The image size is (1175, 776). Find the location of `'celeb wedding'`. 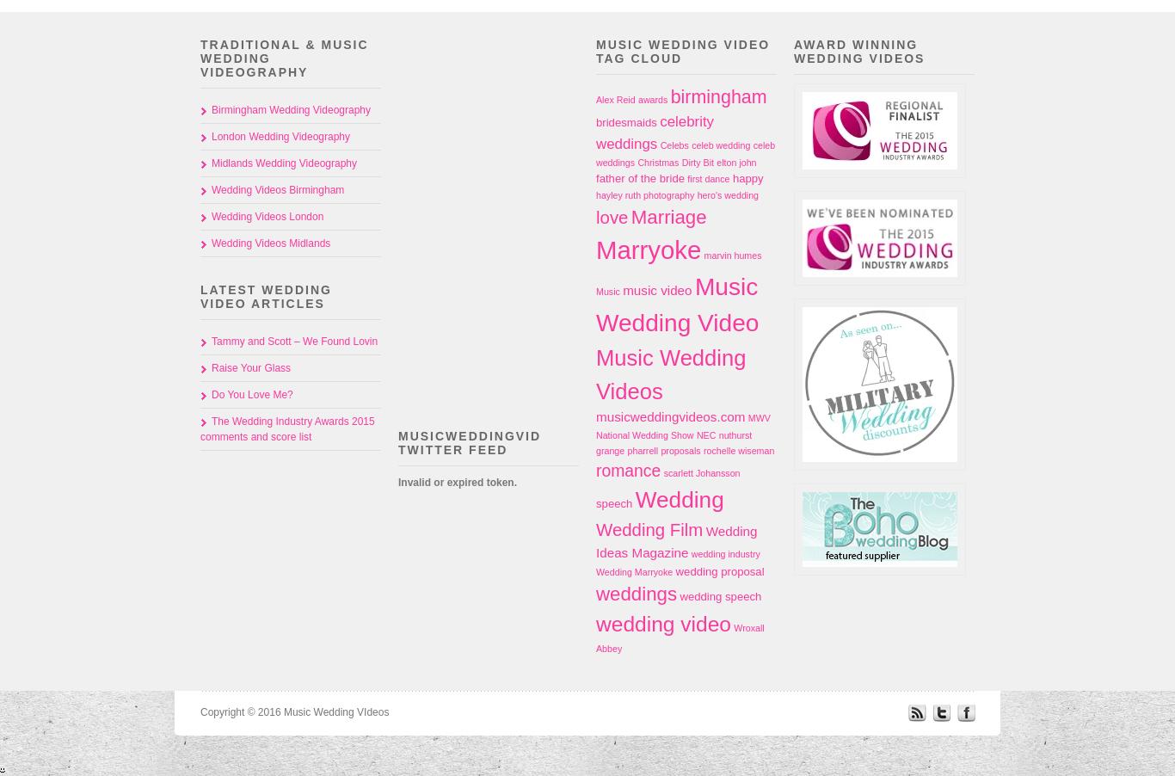

'celeb wedding' is located at coordinates (720, 144).